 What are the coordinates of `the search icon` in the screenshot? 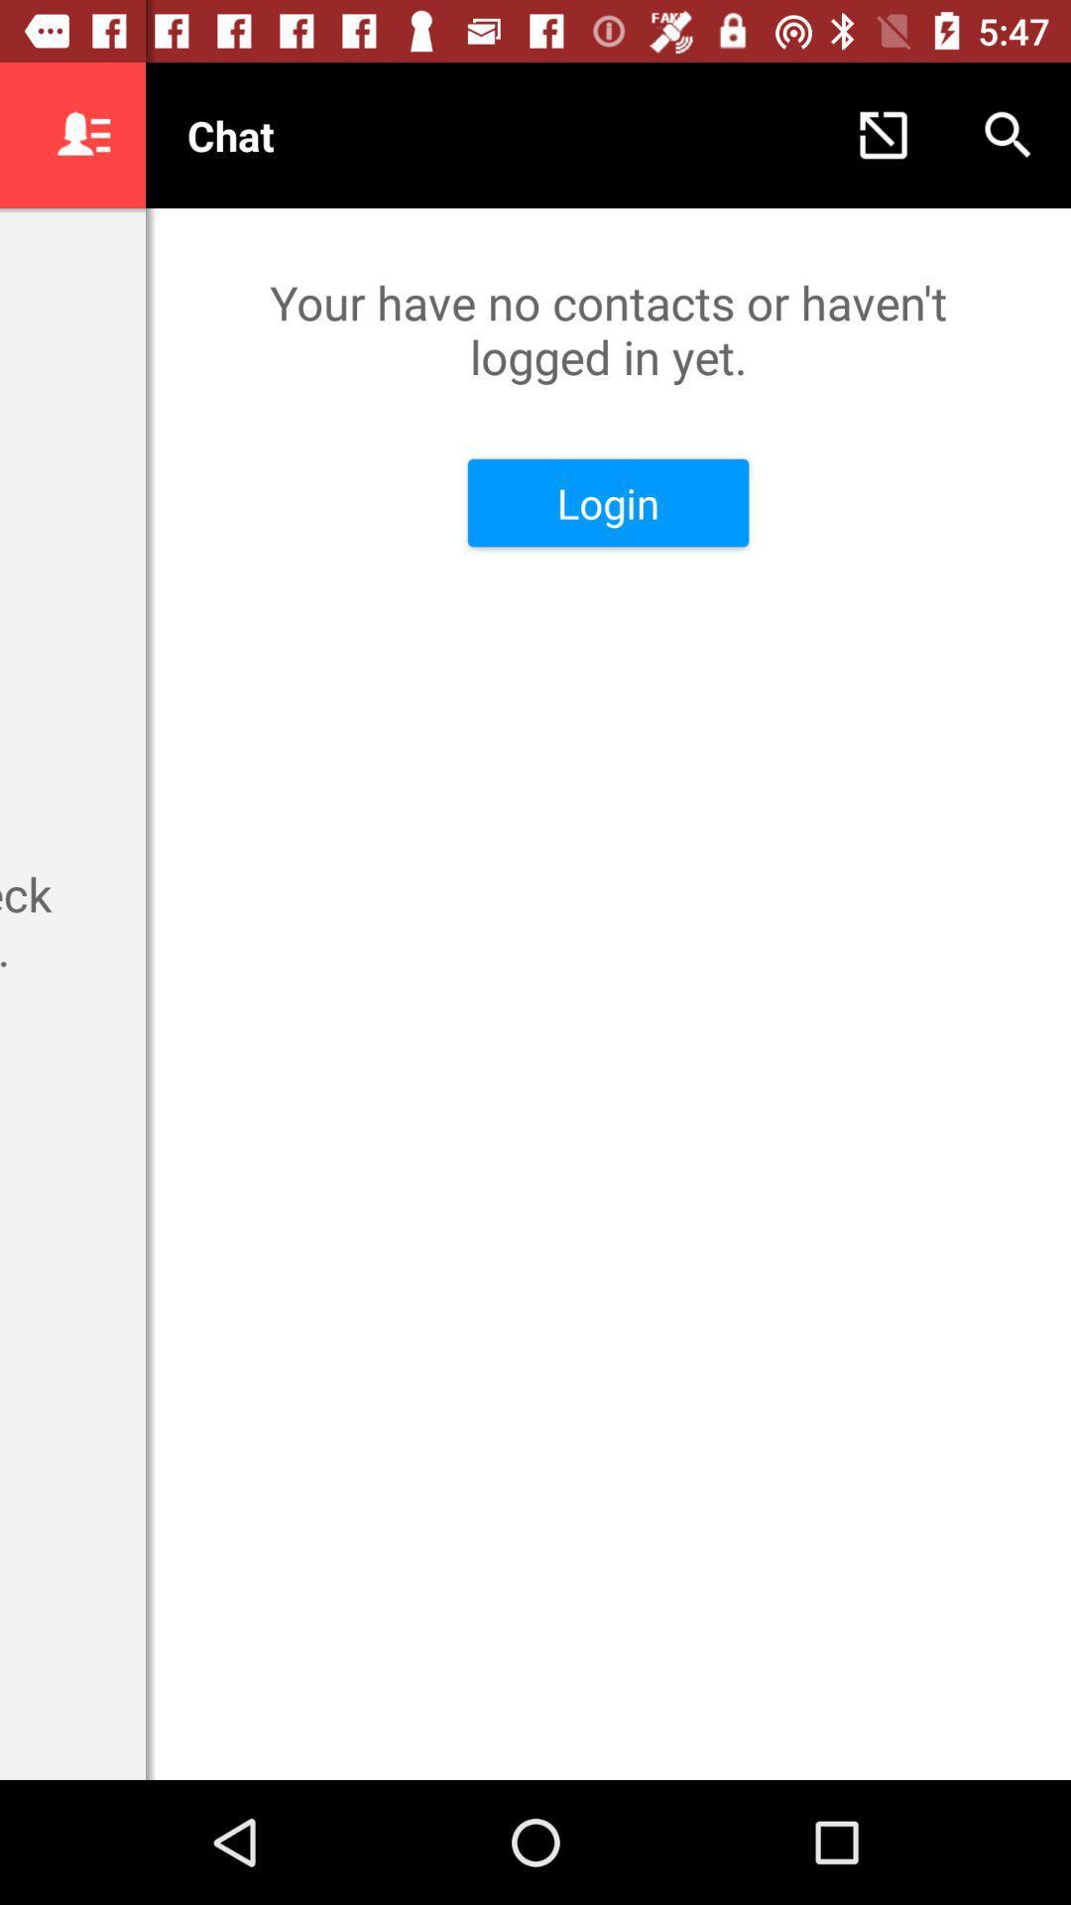 It's located at (1009, 134).